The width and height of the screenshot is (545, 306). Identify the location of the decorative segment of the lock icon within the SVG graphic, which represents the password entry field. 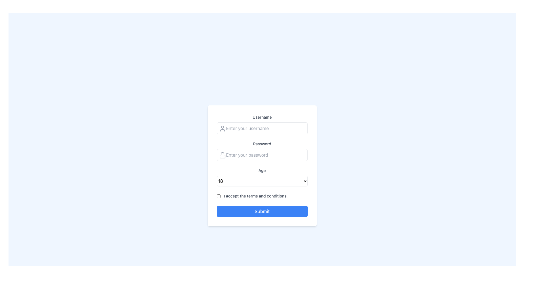
(222, 156).